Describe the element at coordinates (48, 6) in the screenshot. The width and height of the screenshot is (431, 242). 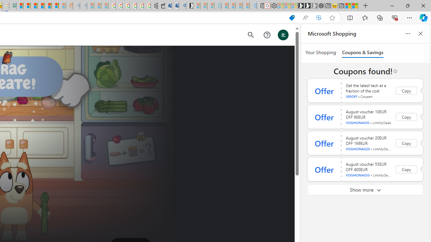
I see `'Kinda Frugal - MSN'` at that location.